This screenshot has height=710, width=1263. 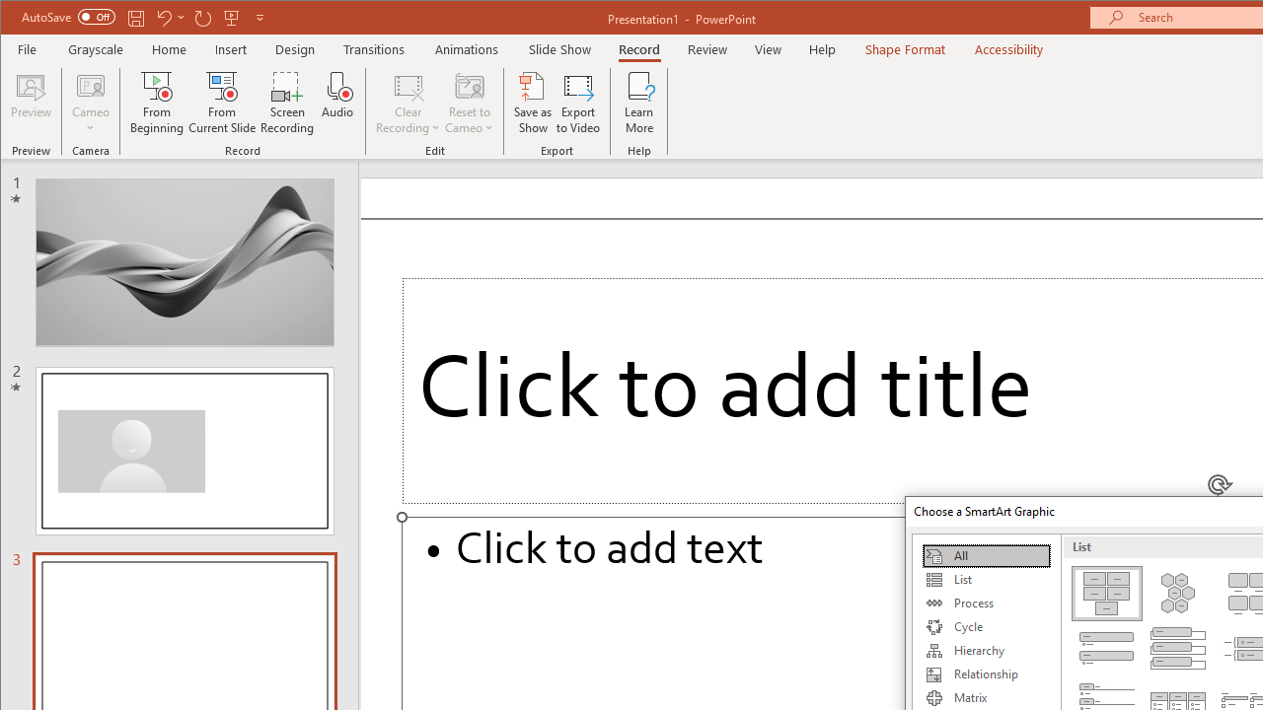 I want to click on 'From Current Slide...', so click(x=222, y=103).